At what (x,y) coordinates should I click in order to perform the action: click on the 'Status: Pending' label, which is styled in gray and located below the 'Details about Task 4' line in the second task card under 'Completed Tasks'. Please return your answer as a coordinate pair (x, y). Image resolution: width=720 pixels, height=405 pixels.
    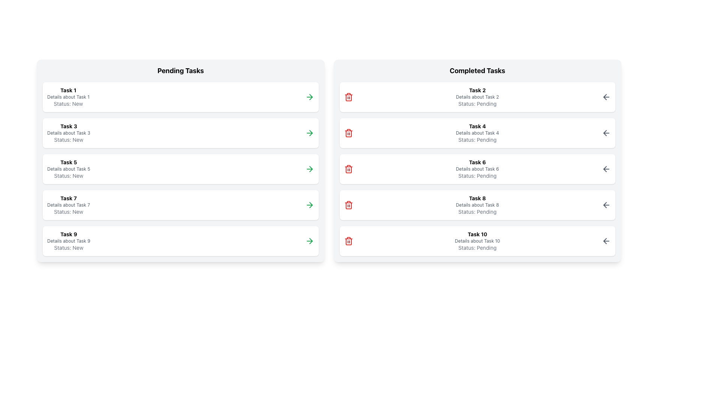
    Looking at the image, I should click on (477, 139).